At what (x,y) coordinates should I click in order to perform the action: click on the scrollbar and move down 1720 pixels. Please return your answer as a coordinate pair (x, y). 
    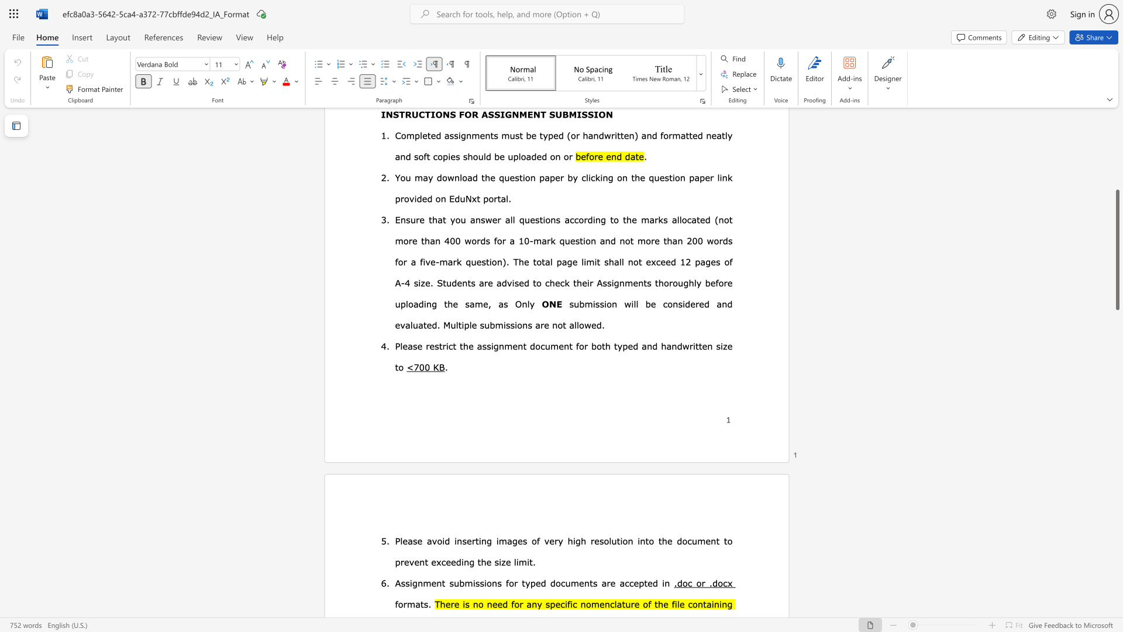
    Looking at the image, I should click on (1117, 249).